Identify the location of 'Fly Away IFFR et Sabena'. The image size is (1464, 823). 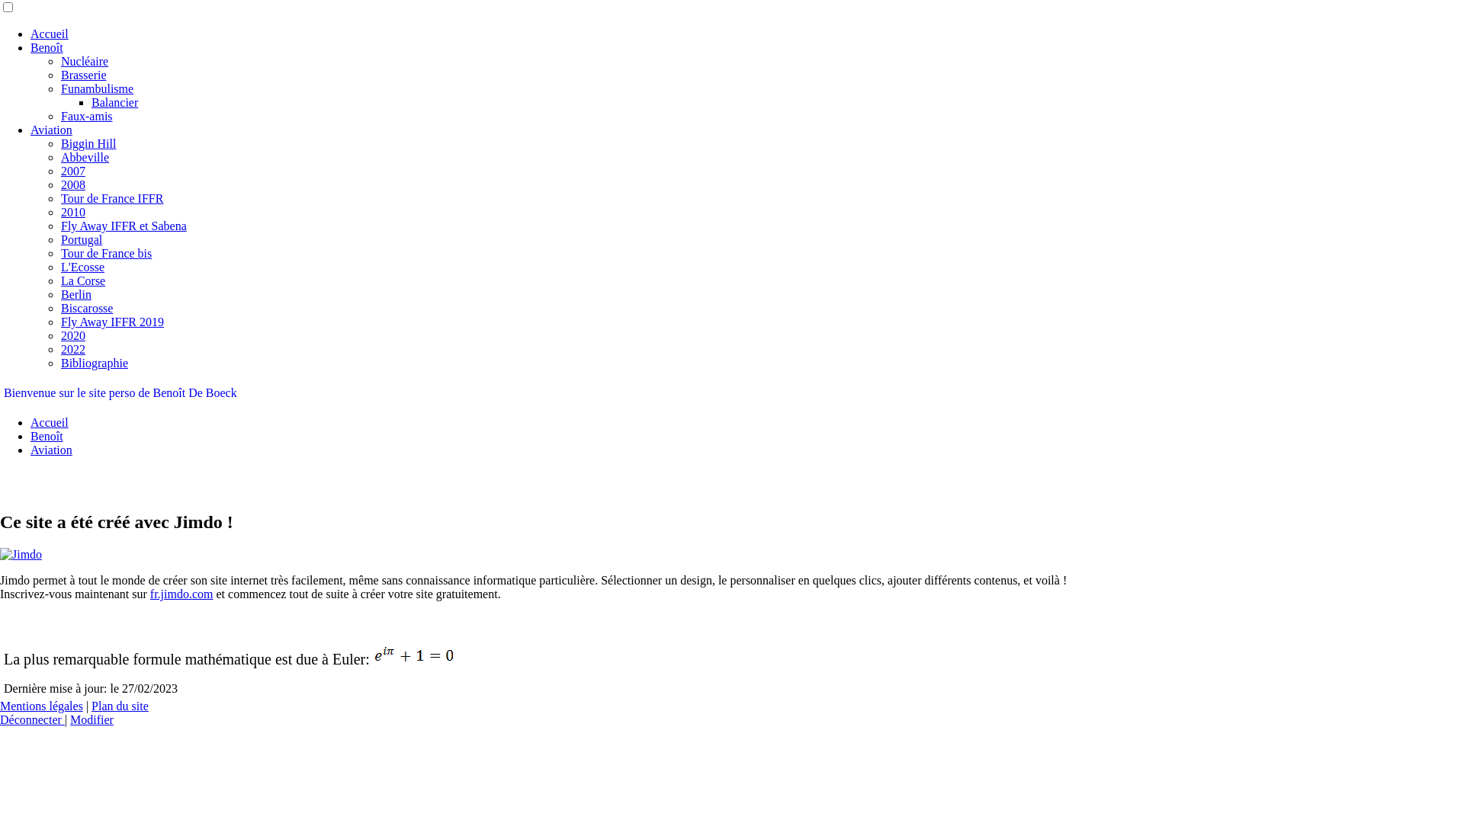
(61, 226).